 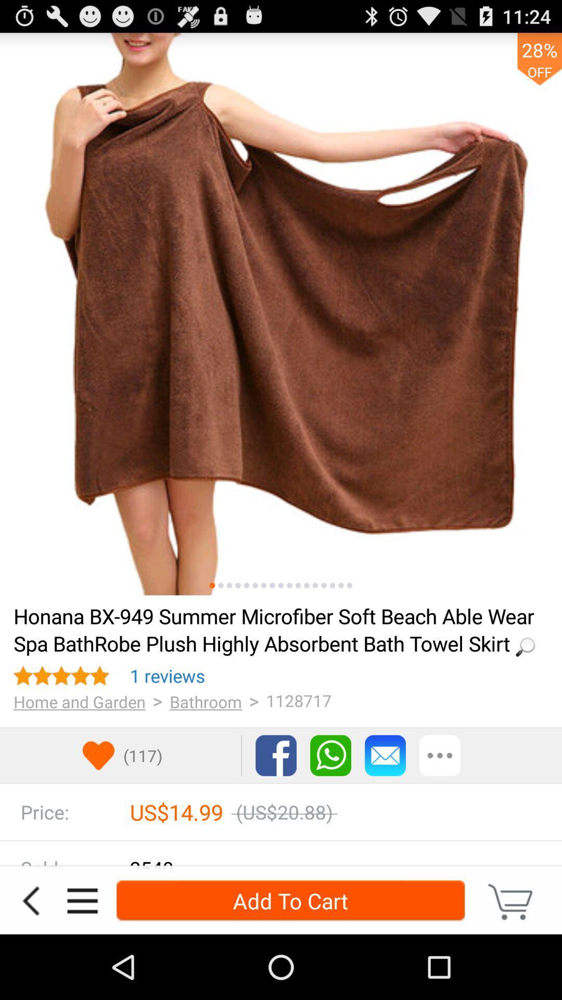 I want to click on next, so click(x=341, y=585).